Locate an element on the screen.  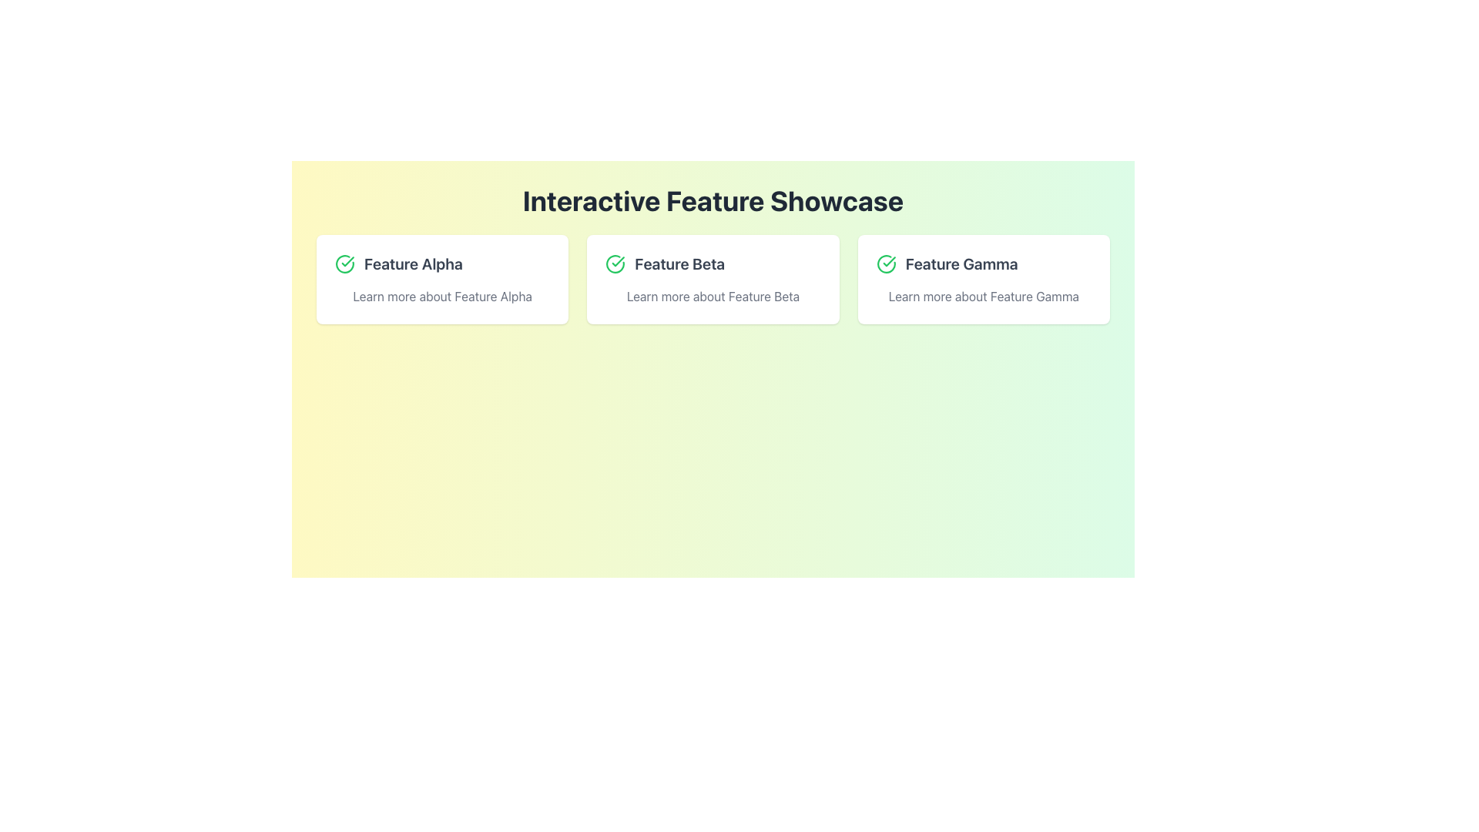
the circular green check mark icon located to the left of the text 'Feature Gamma' is located at coordinates (886, 263).